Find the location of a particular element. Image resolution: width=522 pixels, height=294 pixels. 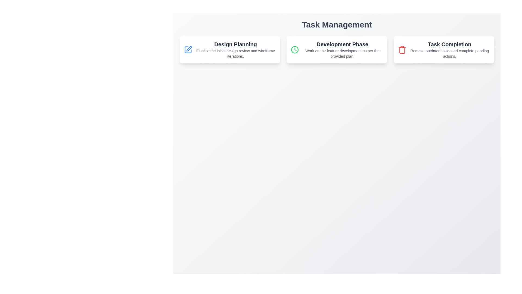

the large, bold text header displaying 'Task Management', which is positioned at the top center of the interface is located at coordinates (336, 25).